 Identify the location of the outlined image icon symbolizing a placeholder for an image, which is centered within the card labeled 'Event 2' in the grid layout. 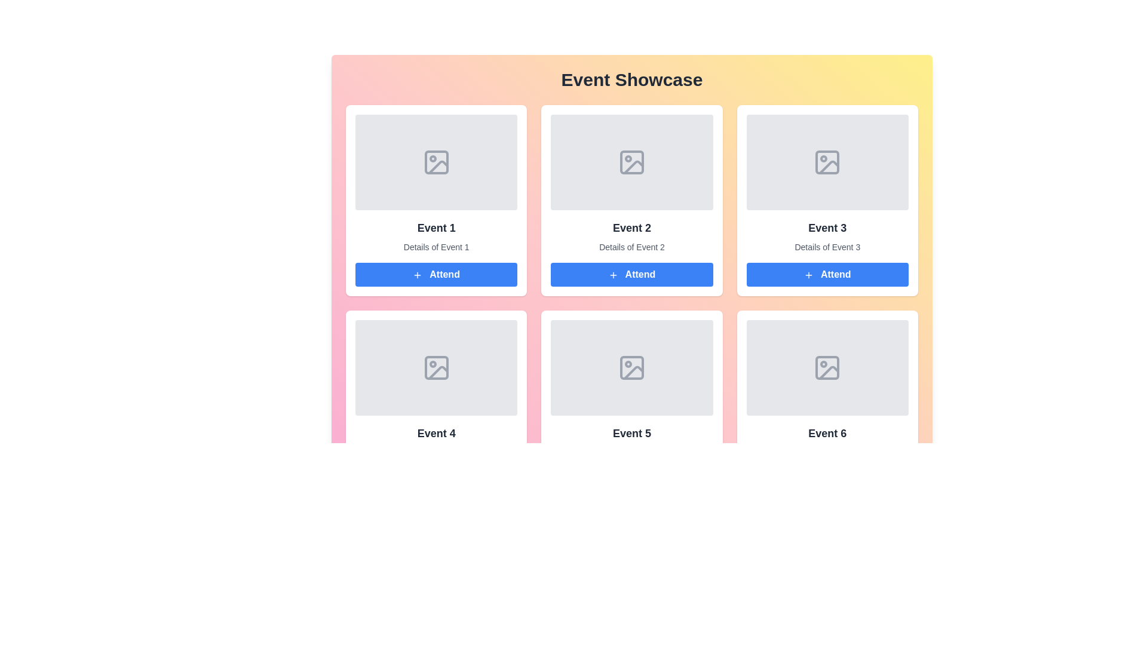
(631, 162).